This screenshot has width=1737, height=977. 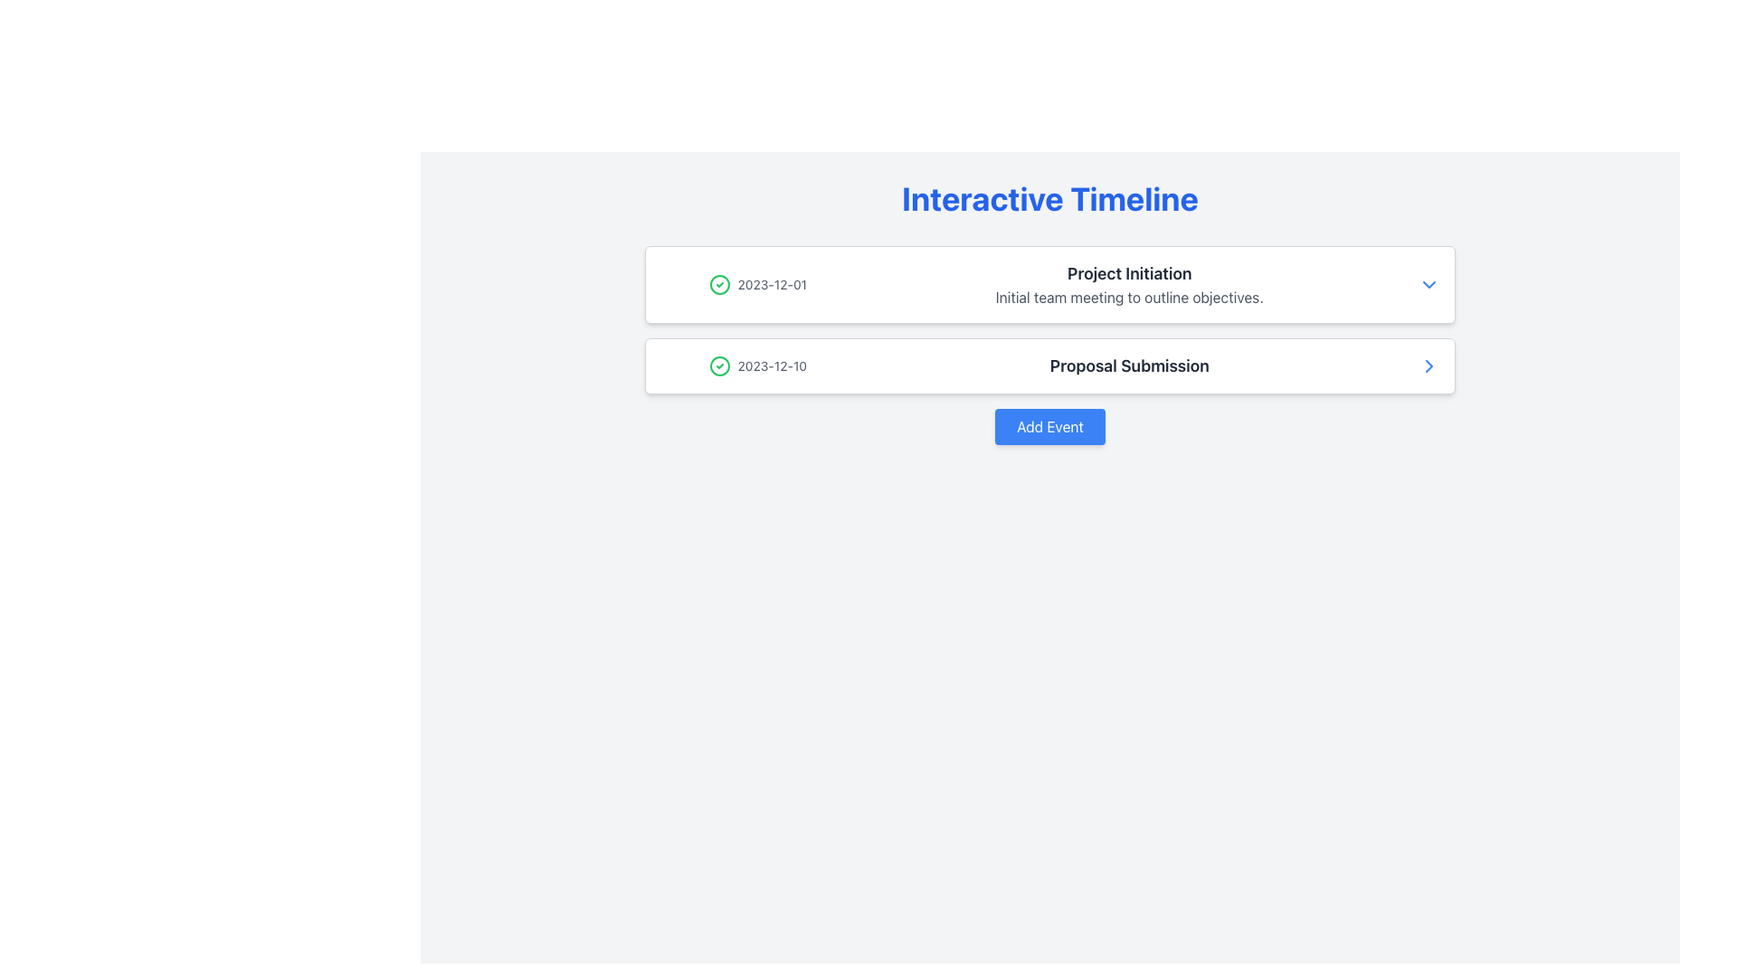 What do you see at coordinates (1050, 345) in the screenshot?
I see `the second event card in the interactive timeline` at bounding box center [1050, 345].